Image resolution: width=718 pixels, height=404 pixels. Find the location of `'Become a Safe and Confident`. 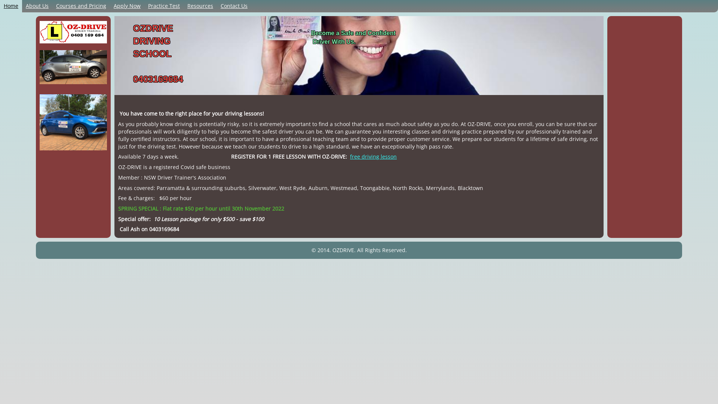

'Become a Safe and Confident is located at coordinates (353, 37).